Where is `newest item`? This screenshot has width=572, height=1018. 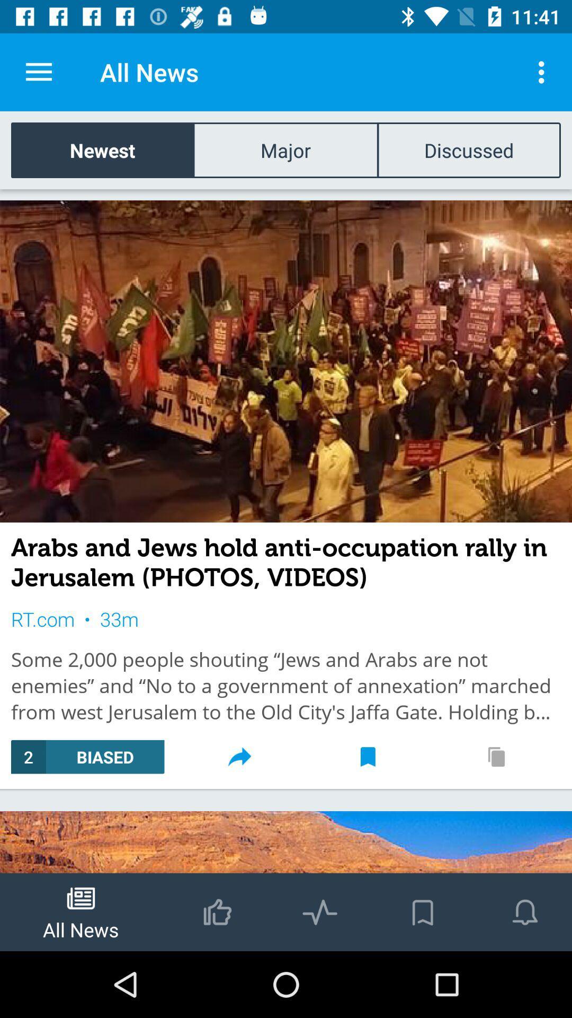
newest item is located at coordinates (102, 150).